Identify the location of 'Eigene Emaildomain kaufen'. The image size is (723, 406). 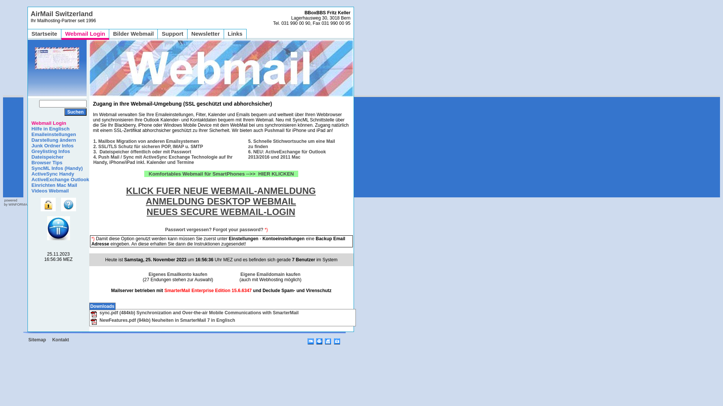
(270, 274).